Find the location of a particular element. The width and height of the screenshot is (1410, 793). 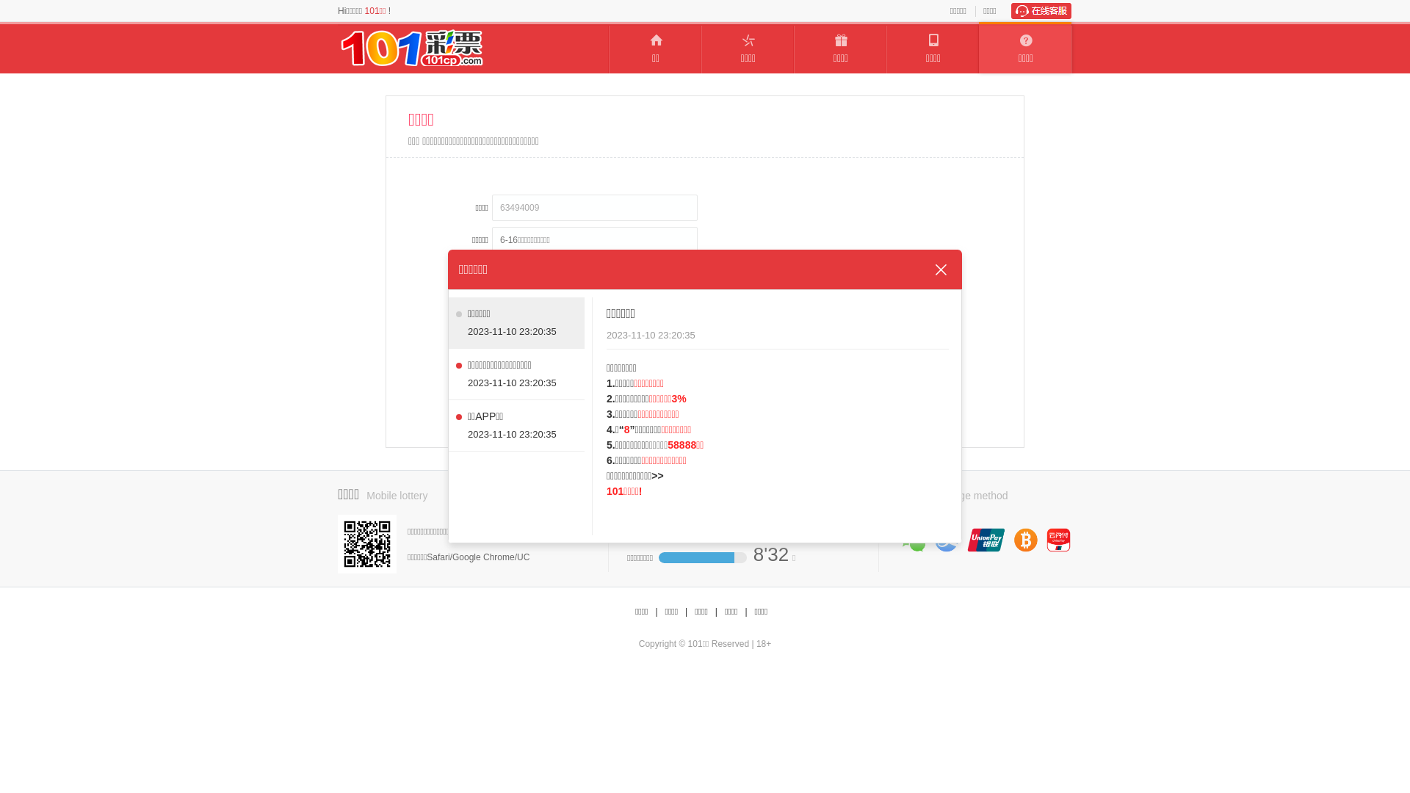

'|' is located at coordinates (684, 612).